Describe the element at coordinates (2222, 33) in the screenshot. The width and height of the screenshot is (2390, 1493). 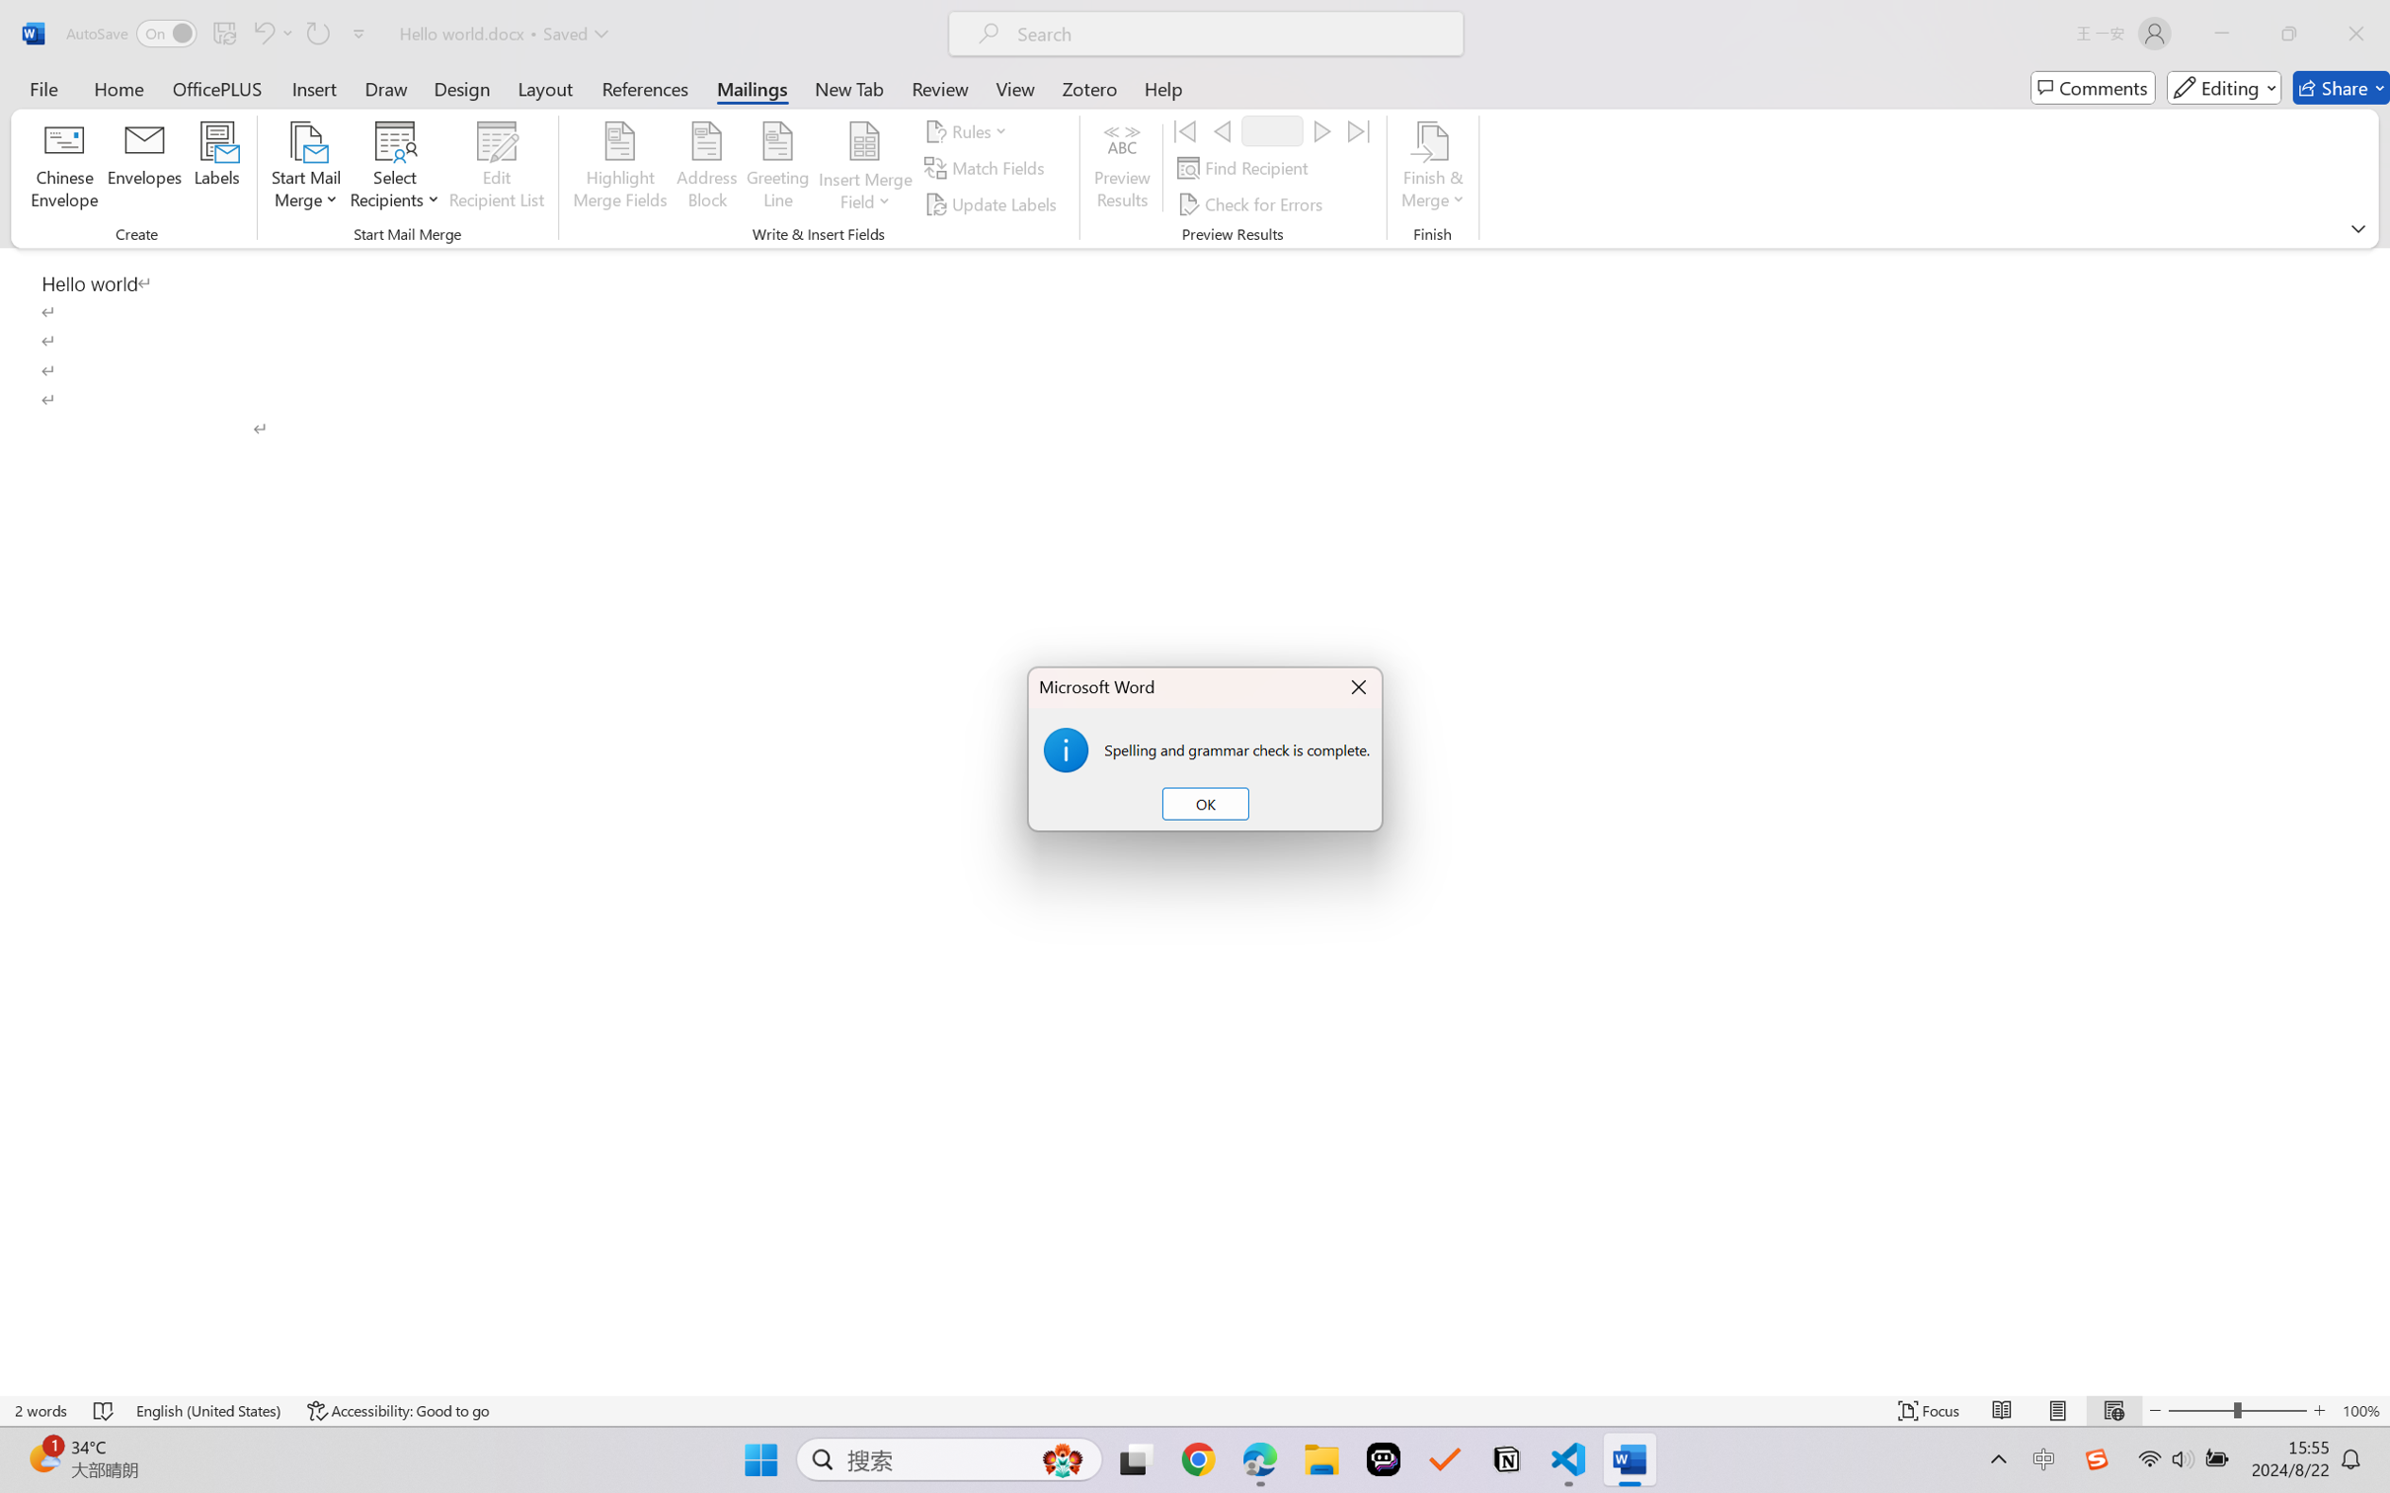
I see `'Minimize'` at that location.